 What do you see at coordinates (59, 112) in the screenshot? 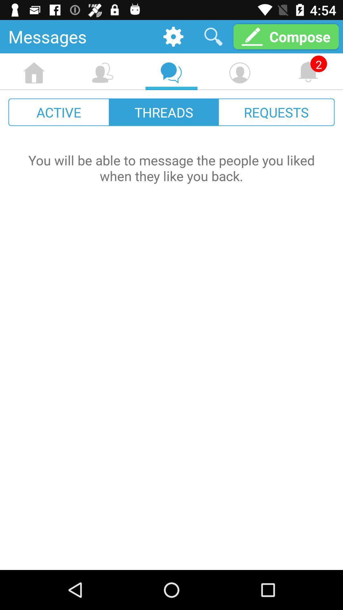
I see `icon to the left of the threads icon` at bounding box center [59, 112].